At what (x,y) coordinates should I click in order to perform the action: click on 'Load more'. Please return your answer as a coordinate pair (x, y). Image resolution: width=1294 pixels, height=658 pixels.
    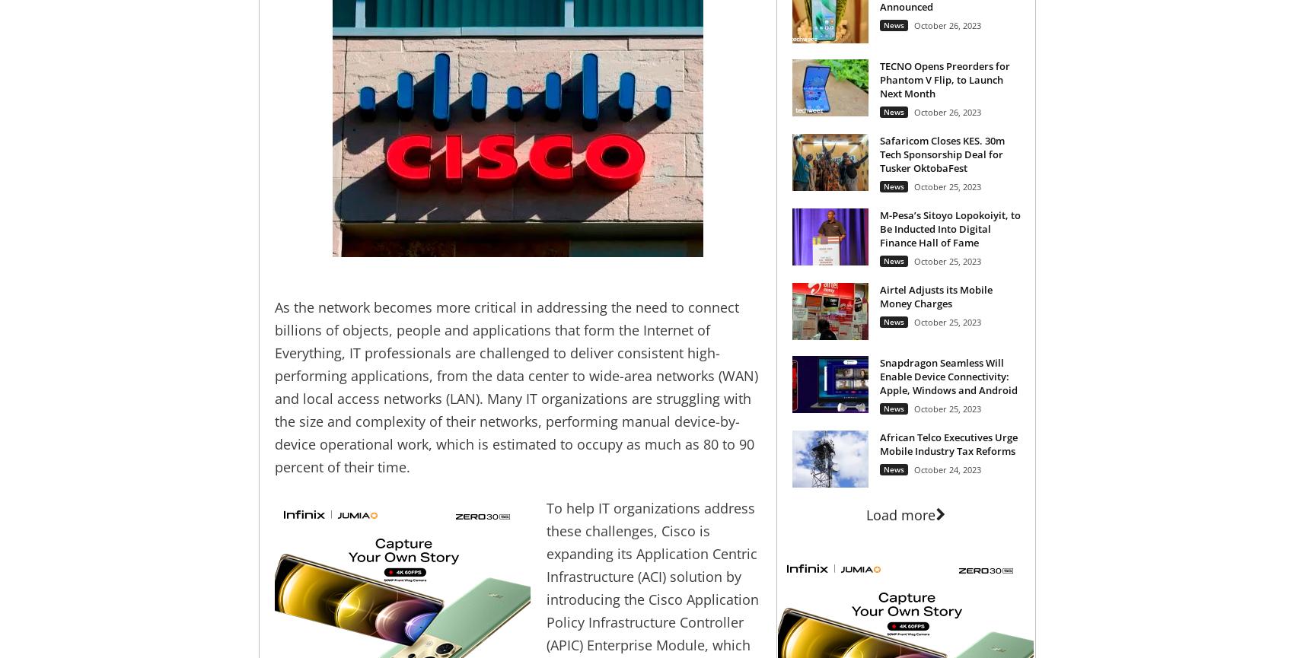
    Looking at the image, I should click on (900, 513).